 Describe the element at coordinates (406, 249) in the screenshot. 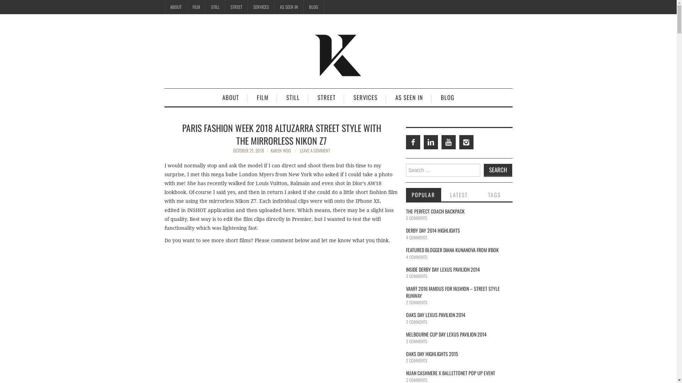

I see `'FEATURED BLOGGER DIANA KUNANOVA FROM IFBOK'` at that location.